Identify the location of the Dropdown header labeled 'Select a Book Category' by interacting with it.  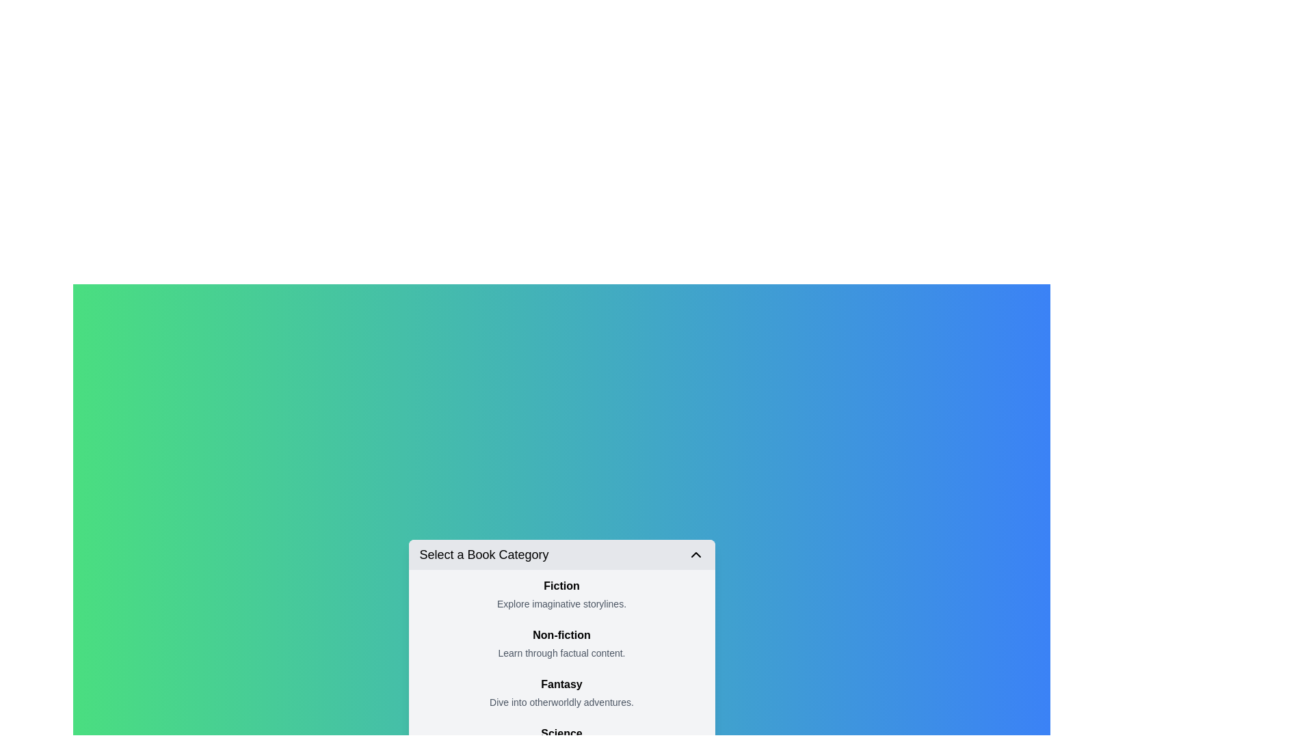
(561, 555).